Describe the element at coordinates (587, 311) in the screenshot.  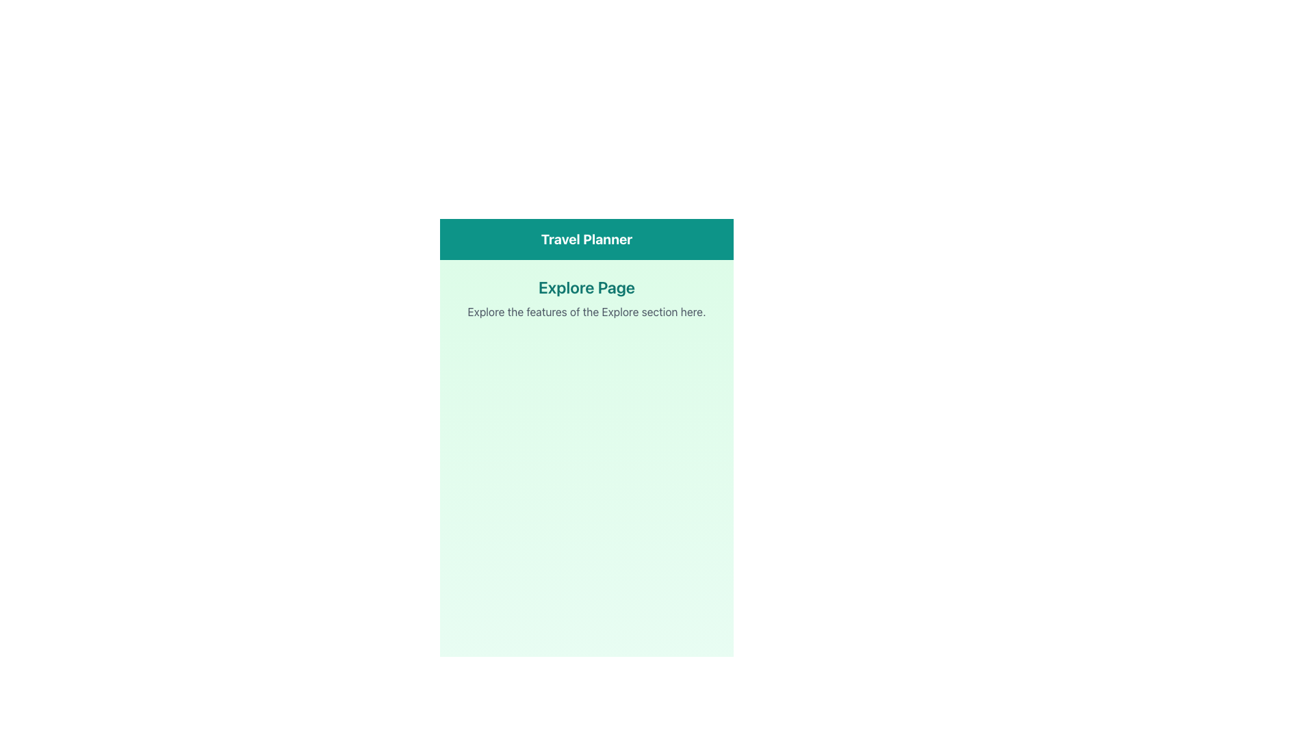
I see `the static text that reads 'Explore the features of the Explore section here.' which is styled in gray and located directly below the 'Explore Page' heading` at that location.